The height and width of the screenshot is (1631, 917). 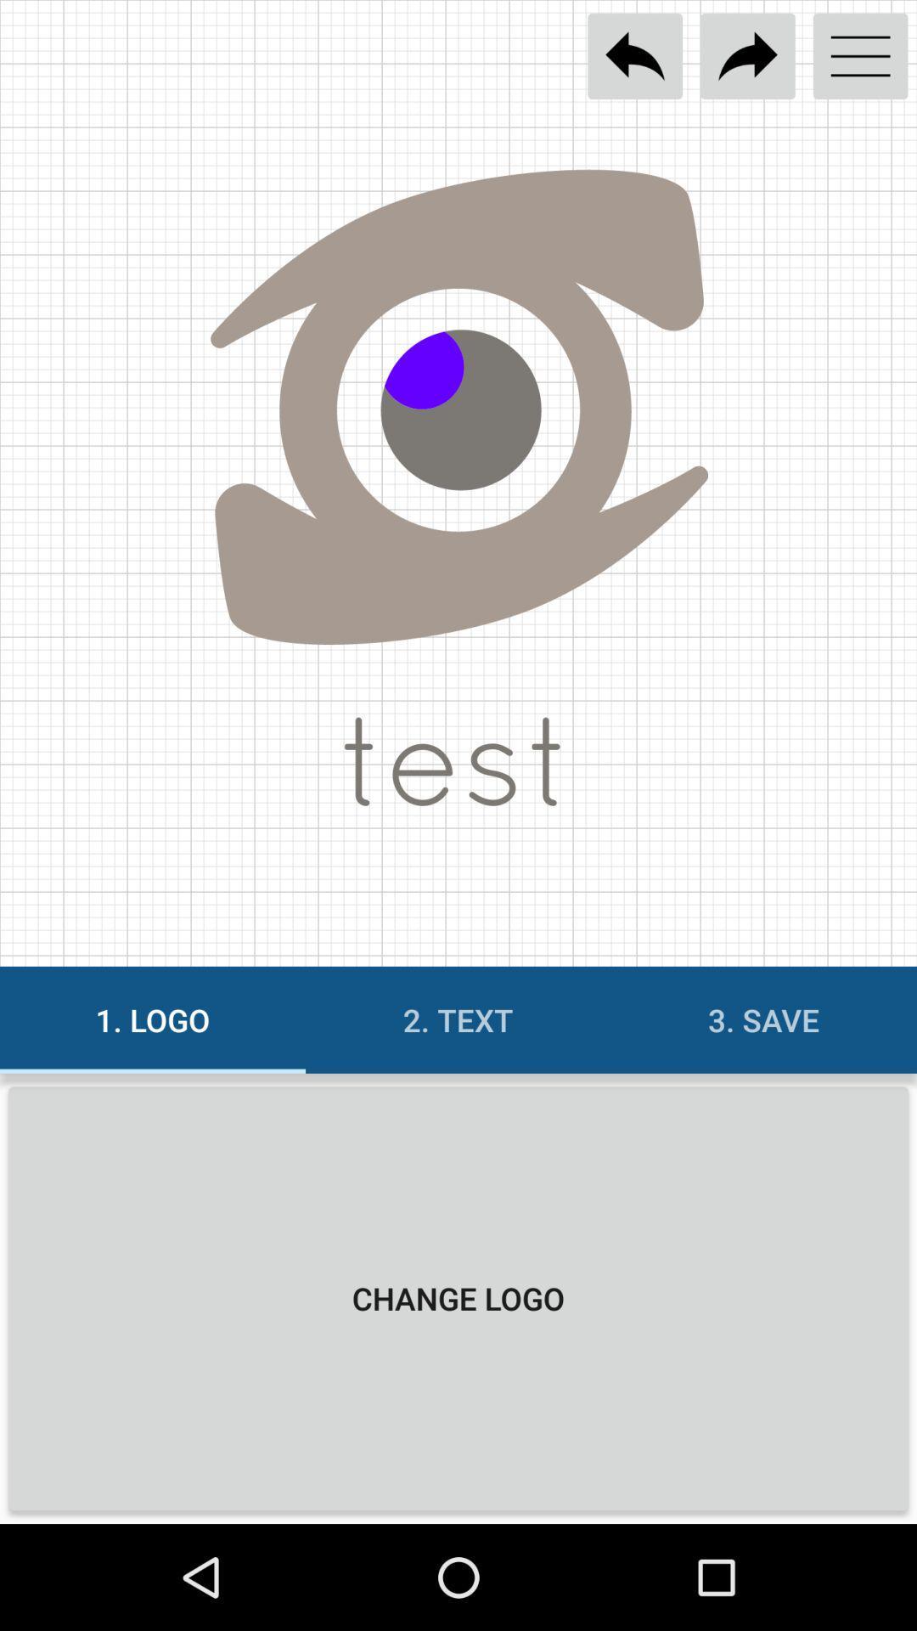 What do you see at coordinates (635, 56) in the screenshot?
I see `previous` at bounding box center [635, 56].